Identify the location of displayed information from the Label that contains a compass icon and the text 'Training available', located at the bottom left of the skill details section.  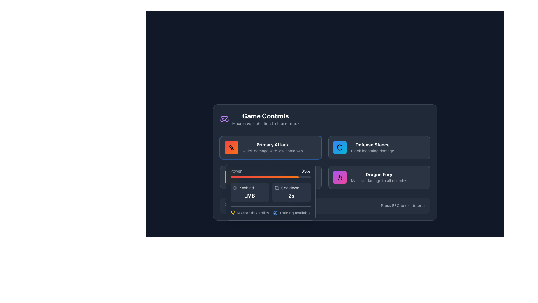
(291, 213).